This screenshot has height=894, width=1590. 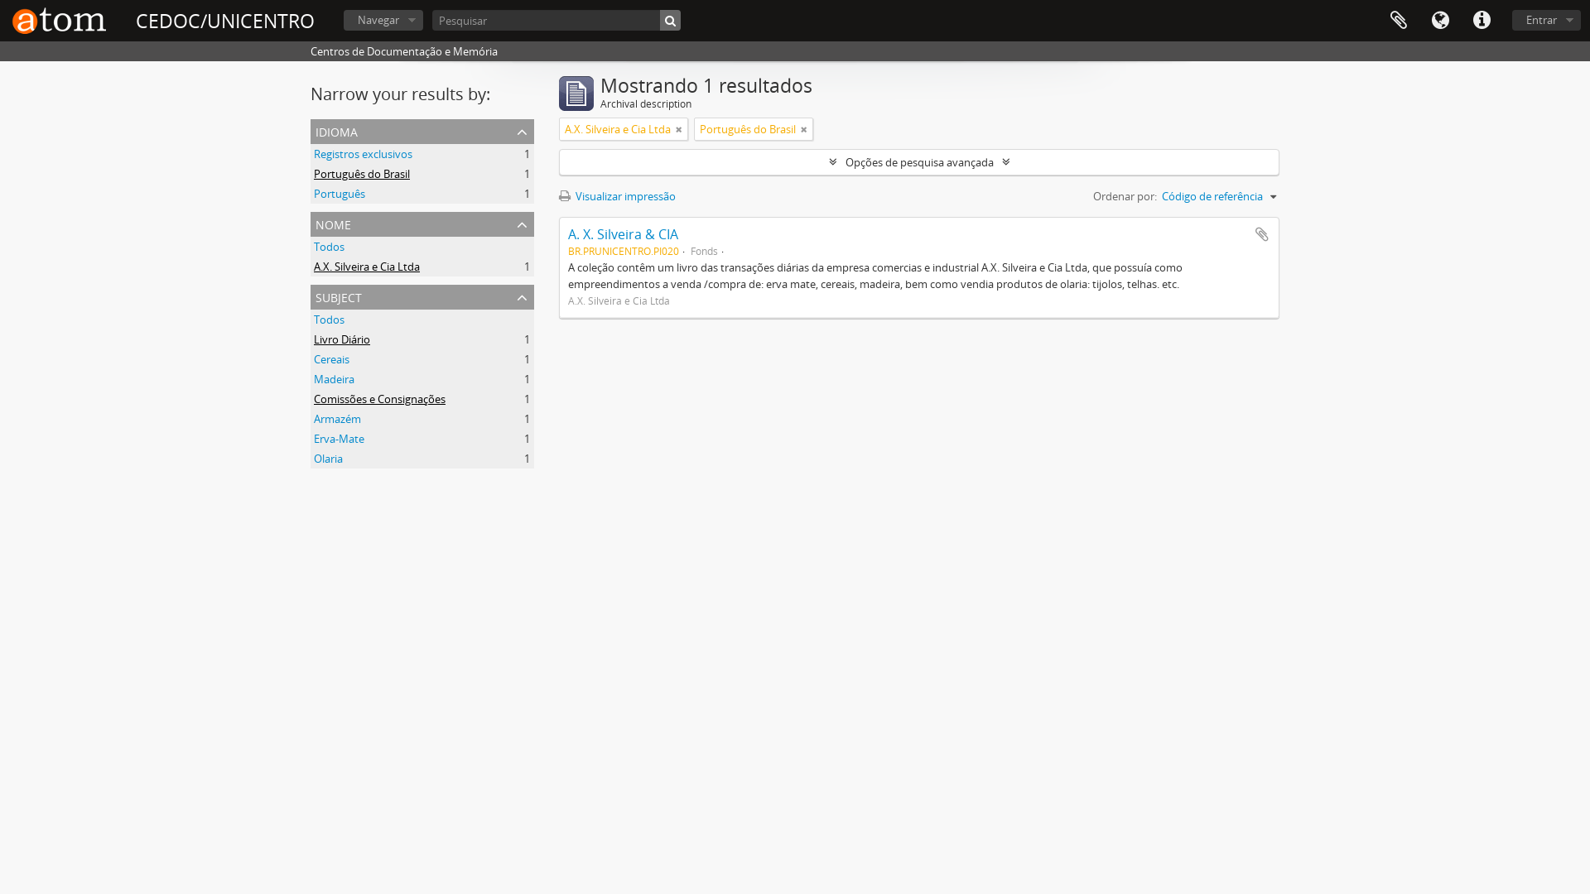 I want to click on 'CEDOC/UNICENTRO', so click(x=224, y=21).